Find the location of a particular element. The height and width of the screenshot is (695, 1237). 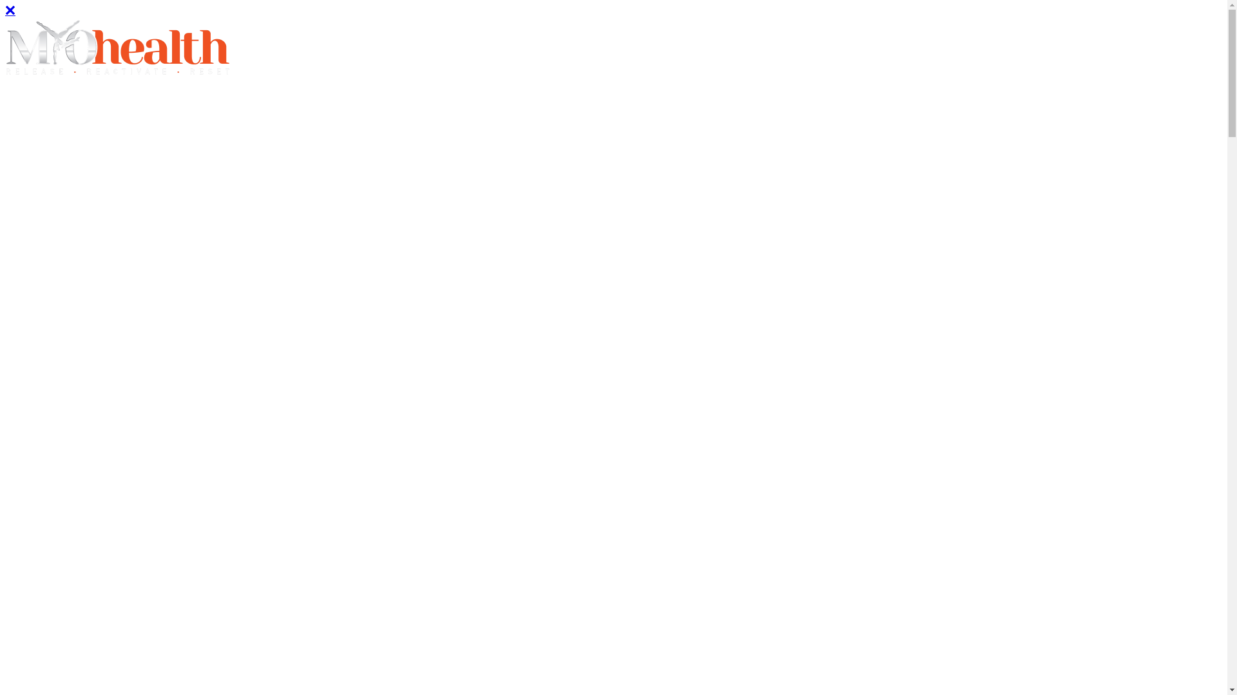

'Site logo' is located at coordinates (117, 75).